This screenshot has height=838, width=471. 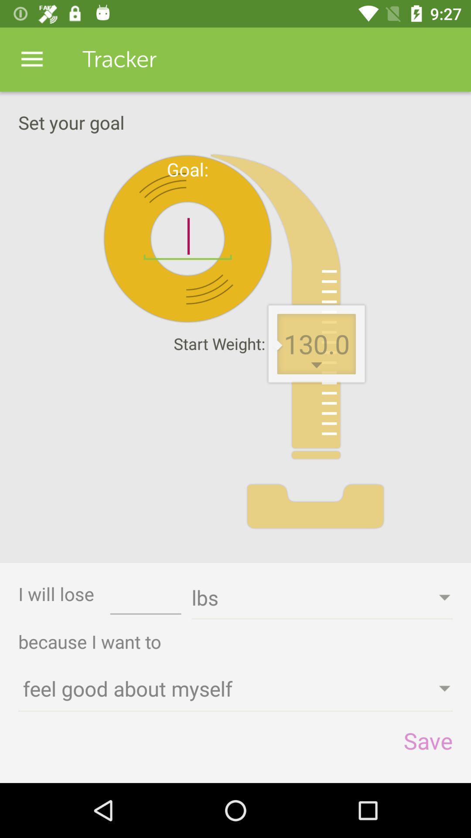 I want to click on the item above because i want item, so click(x=145, y=600).